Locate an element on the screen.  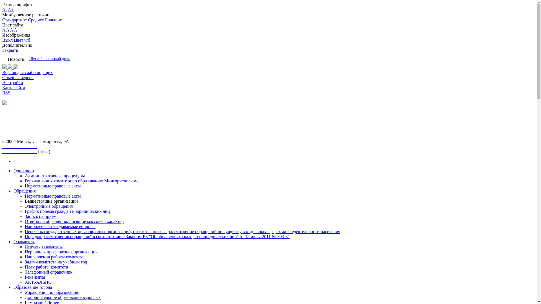
'A' is located at coordinates (4, 30).